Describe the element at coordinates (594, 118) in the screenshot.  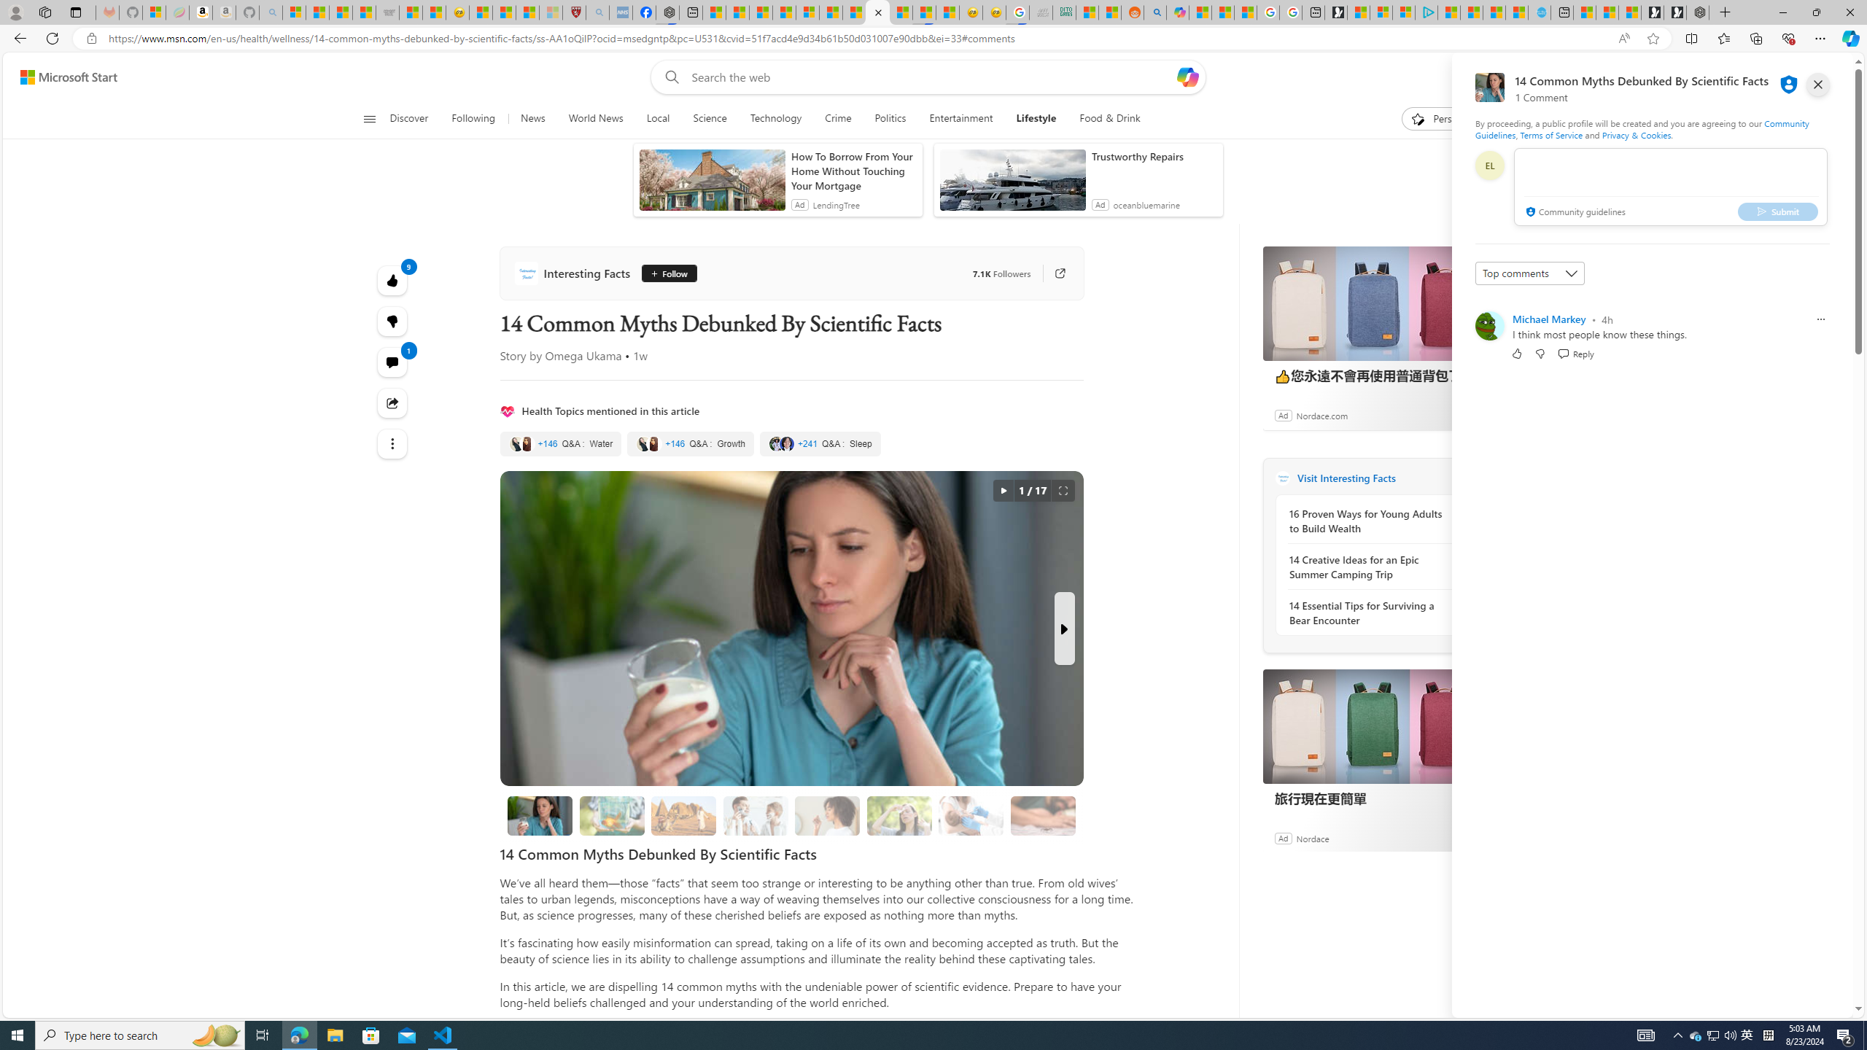
I see `'World News'` at that location.